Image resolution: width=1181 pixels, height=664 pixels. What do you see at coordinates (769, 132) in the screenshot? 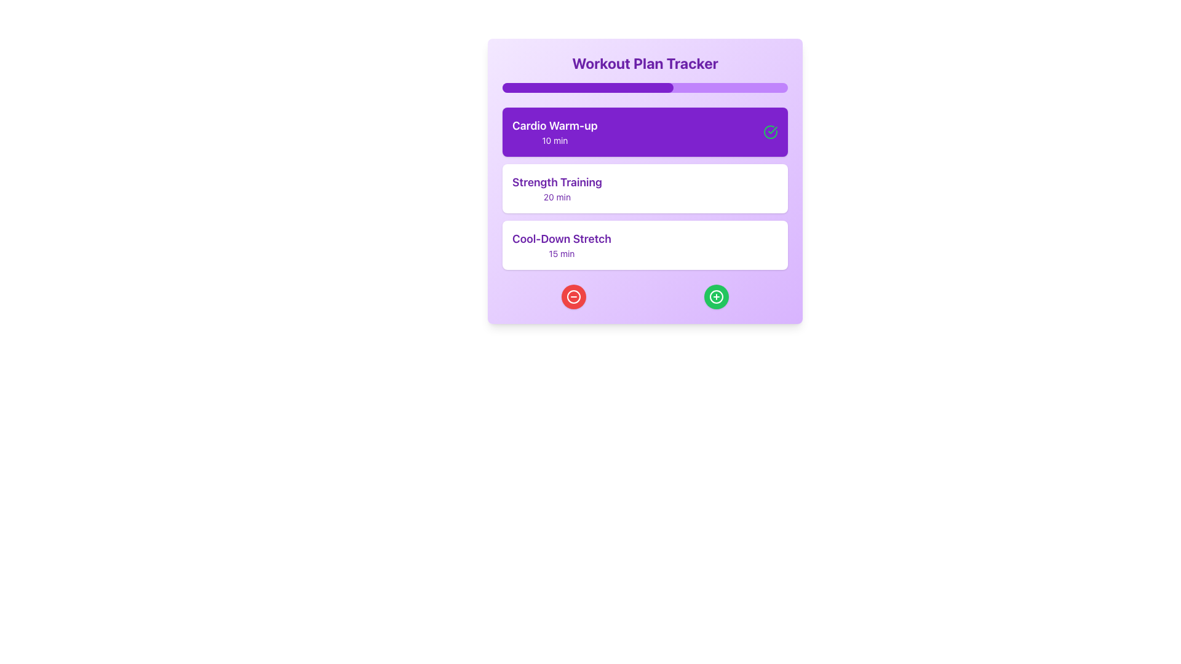
I see `the completion status icon for the 'Cardio Warm-up' task located in the top-right corner of the card` at bounding box center [769, 132].